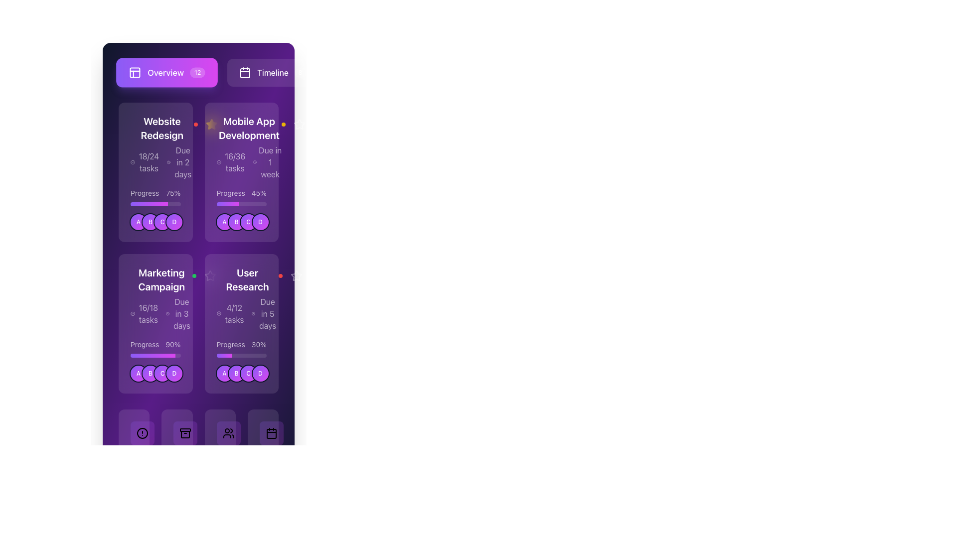  What do you see at coordinates (180, 162) in the screenshot?
I see `the label displaying 'Due in 2 days' with a purple background, located within the 'Website Redesign' card, to the right of '18/24 tasks'` at bounding box center [180, 162].